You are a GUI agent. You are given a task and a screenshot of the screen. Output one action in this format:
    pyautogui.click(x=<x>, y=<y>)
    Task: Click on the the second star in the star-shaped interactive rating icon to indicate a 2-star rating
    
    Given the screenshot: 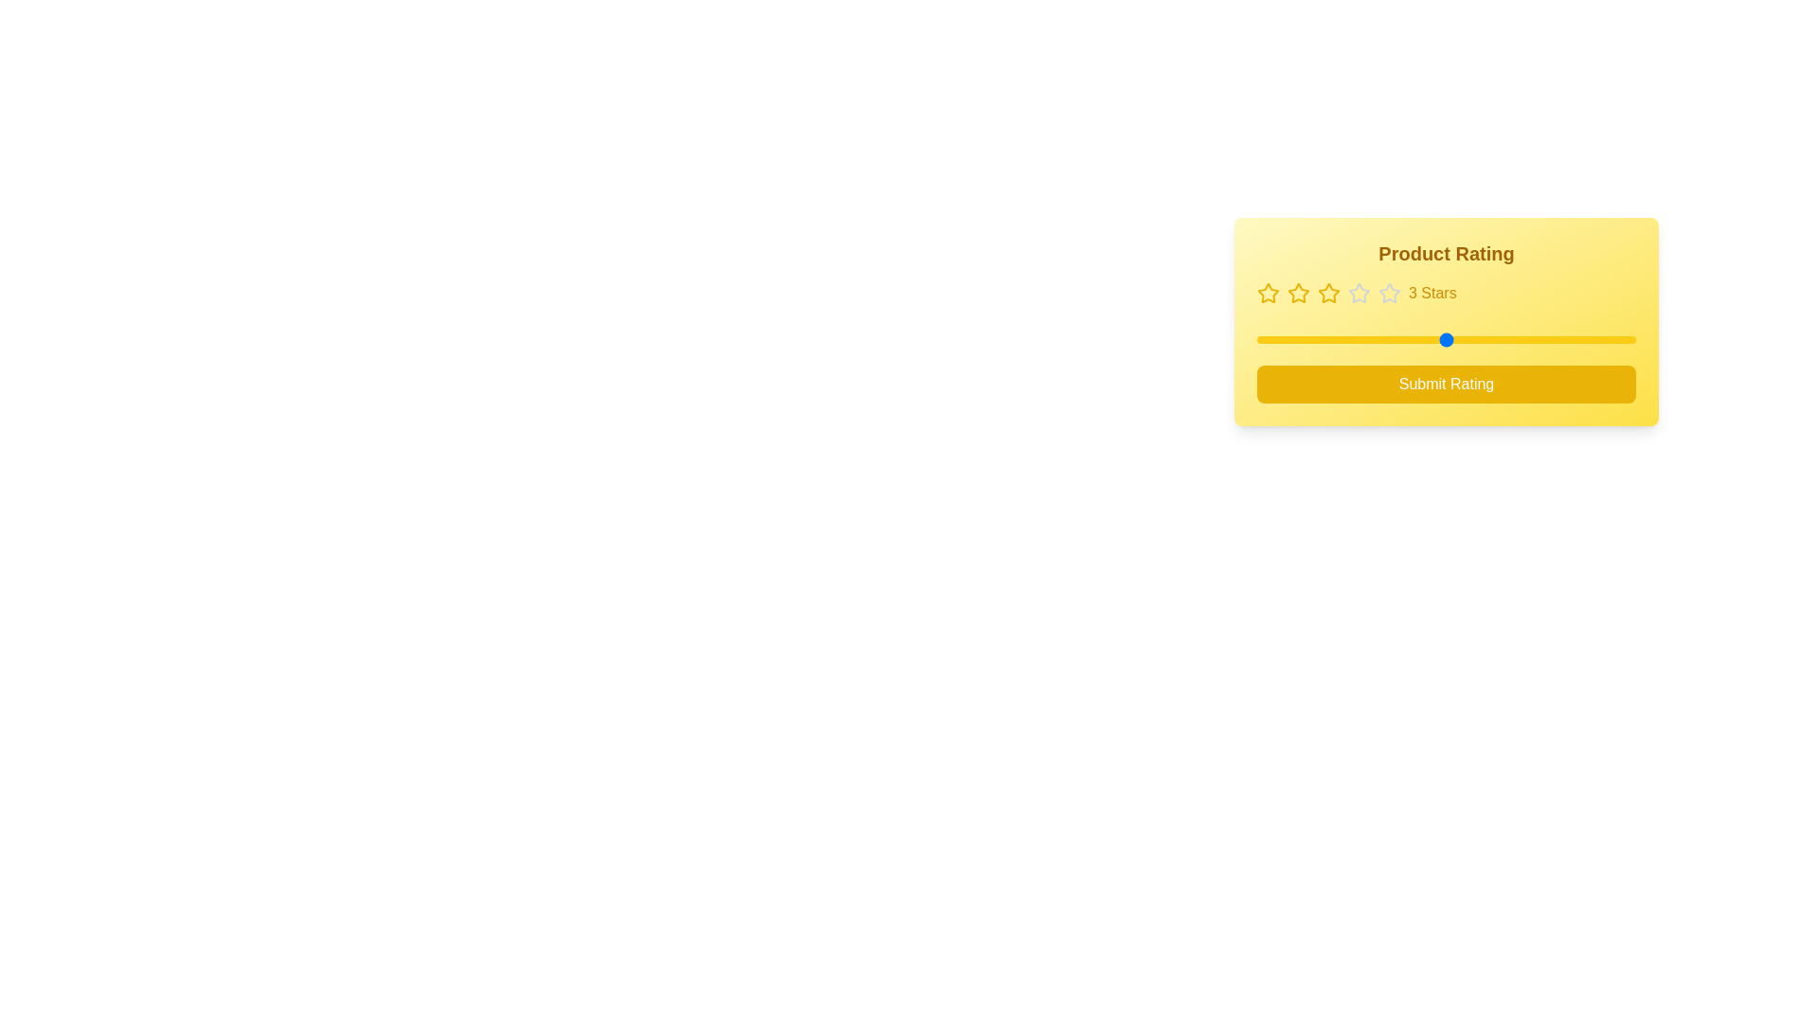 What is the action you would take?
    pyautogui.click(x=1326, y=292)
    